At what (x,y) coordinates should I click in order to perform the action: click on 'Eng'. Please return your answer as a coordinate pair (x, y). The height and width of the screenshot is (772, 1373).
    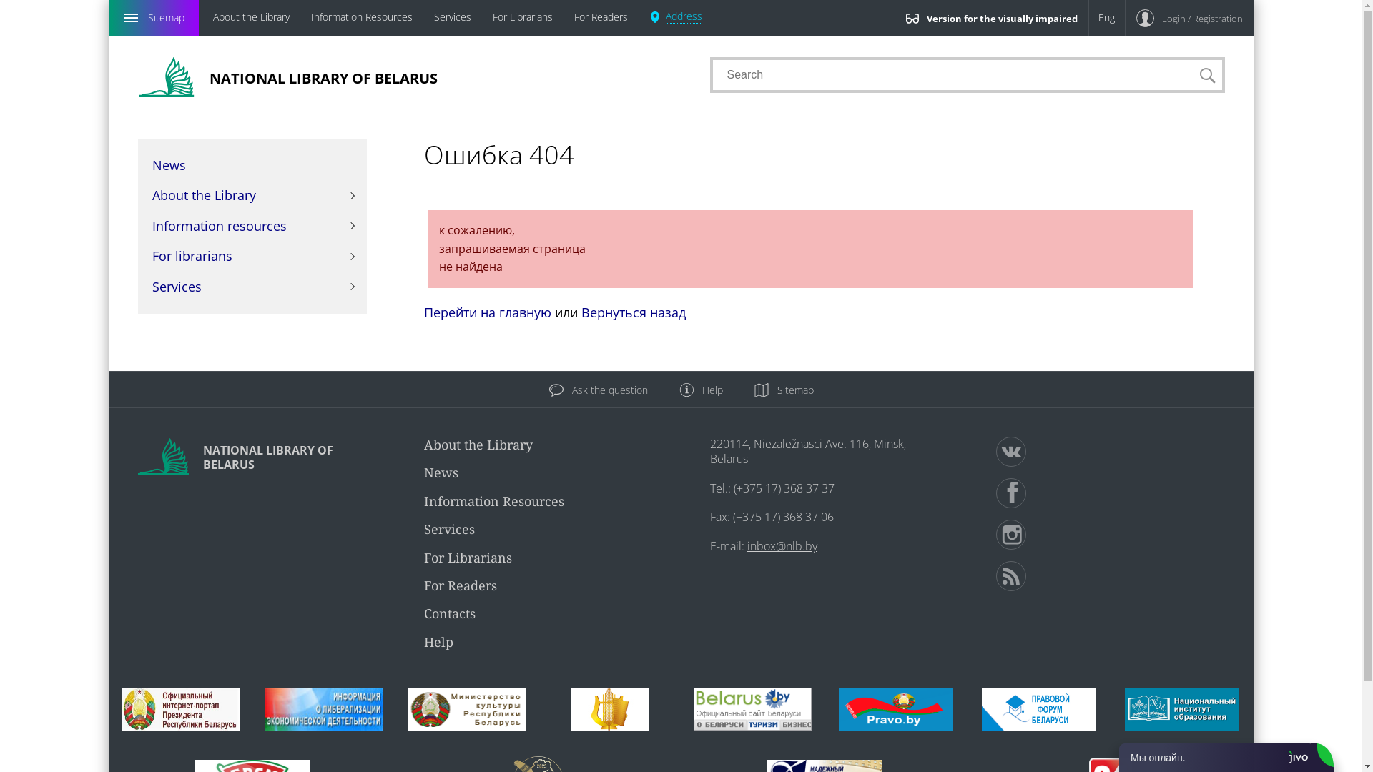
    Looking at the image, I should click on (1105, 17).